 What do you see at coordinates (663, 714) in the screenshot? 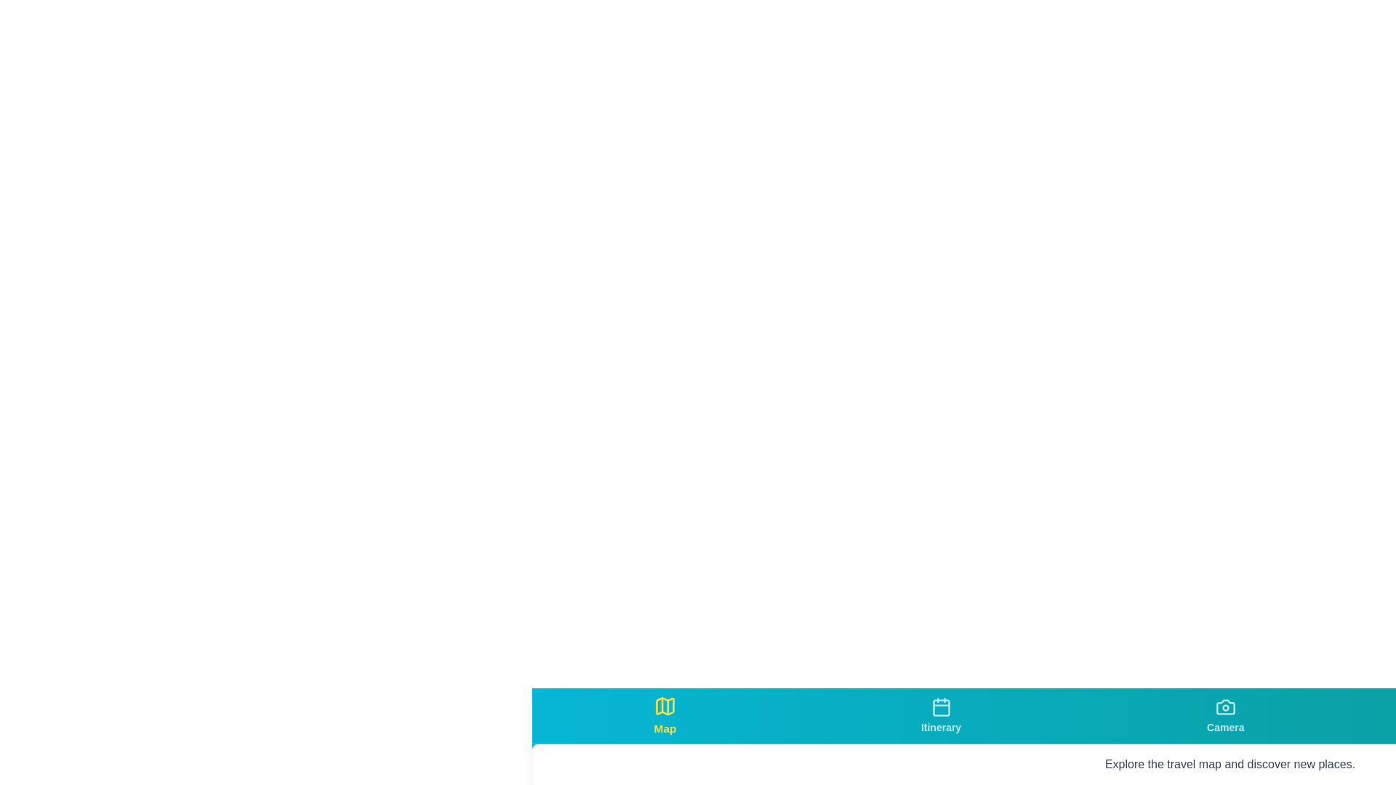
I see `the Map tab to inspect its content` at bounding box center [663, 714].